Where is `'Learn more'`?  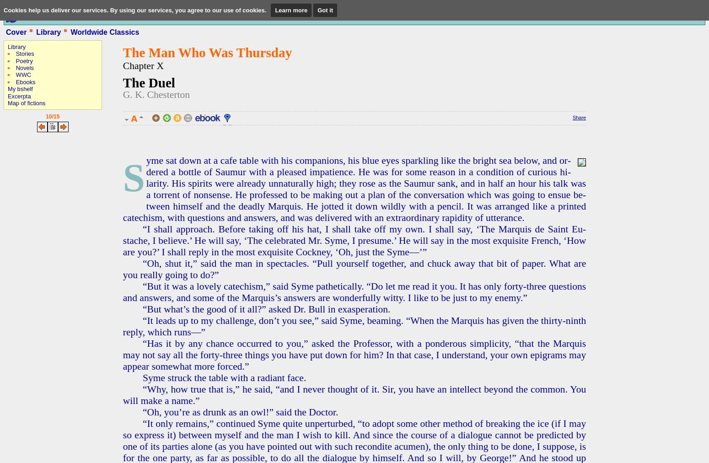 'Learn more' is located at coordinates (290, 10).